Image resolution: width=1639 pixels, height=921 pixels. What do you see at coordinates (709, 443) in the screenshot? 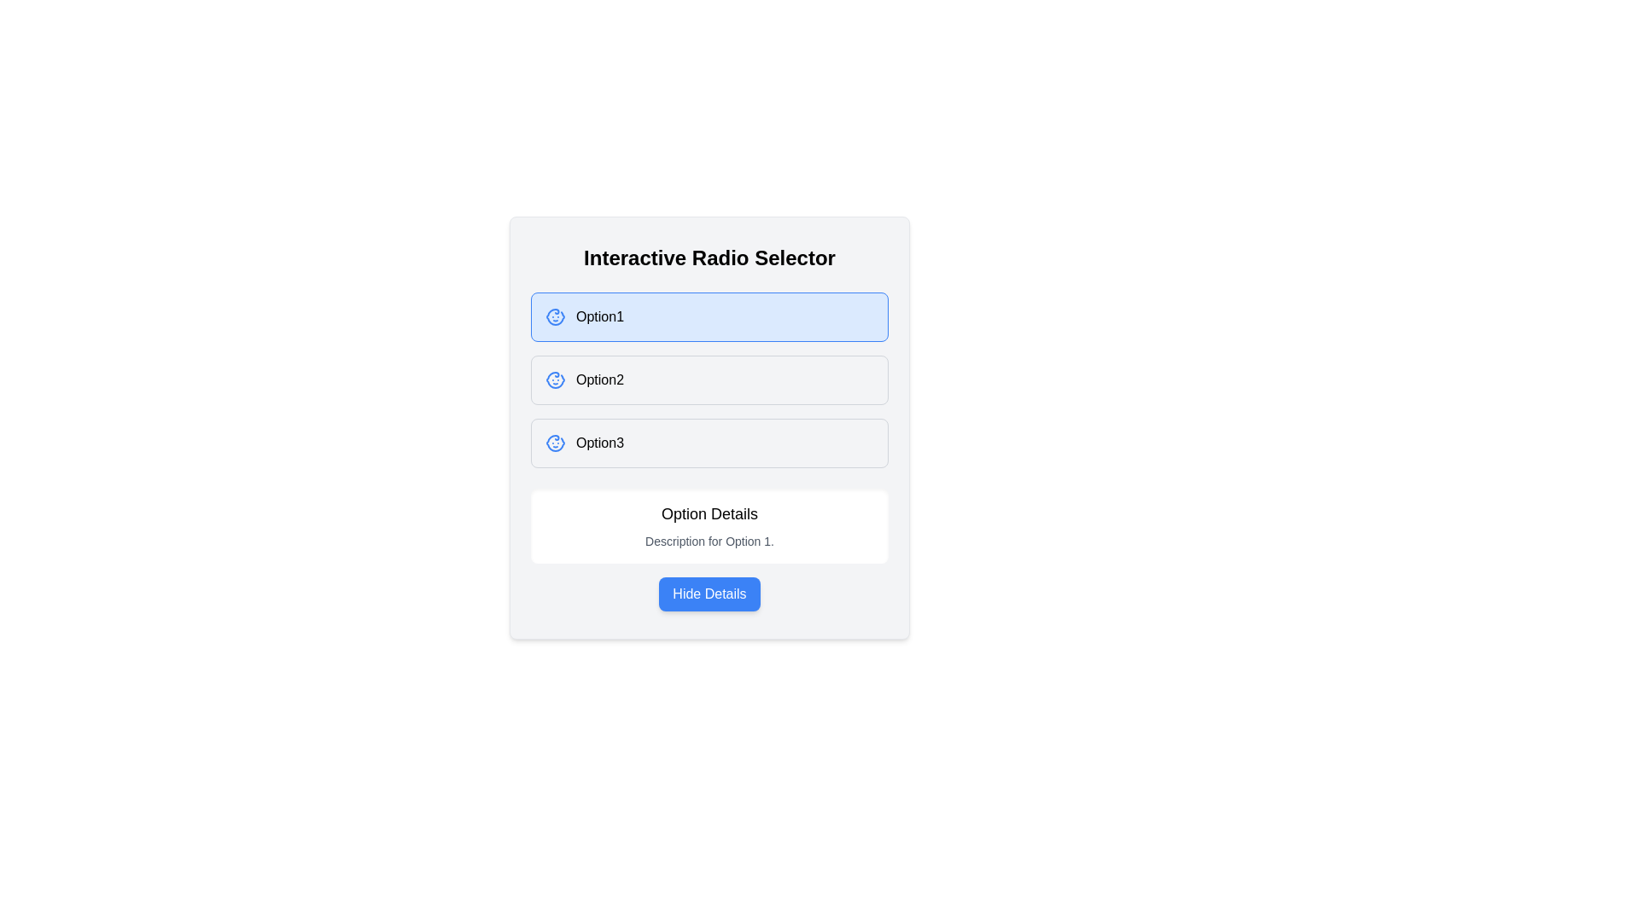
I see `the radio button for 'Option3', which is the third option in a vertical group of radio buttons` at bounding box center [709, 443].